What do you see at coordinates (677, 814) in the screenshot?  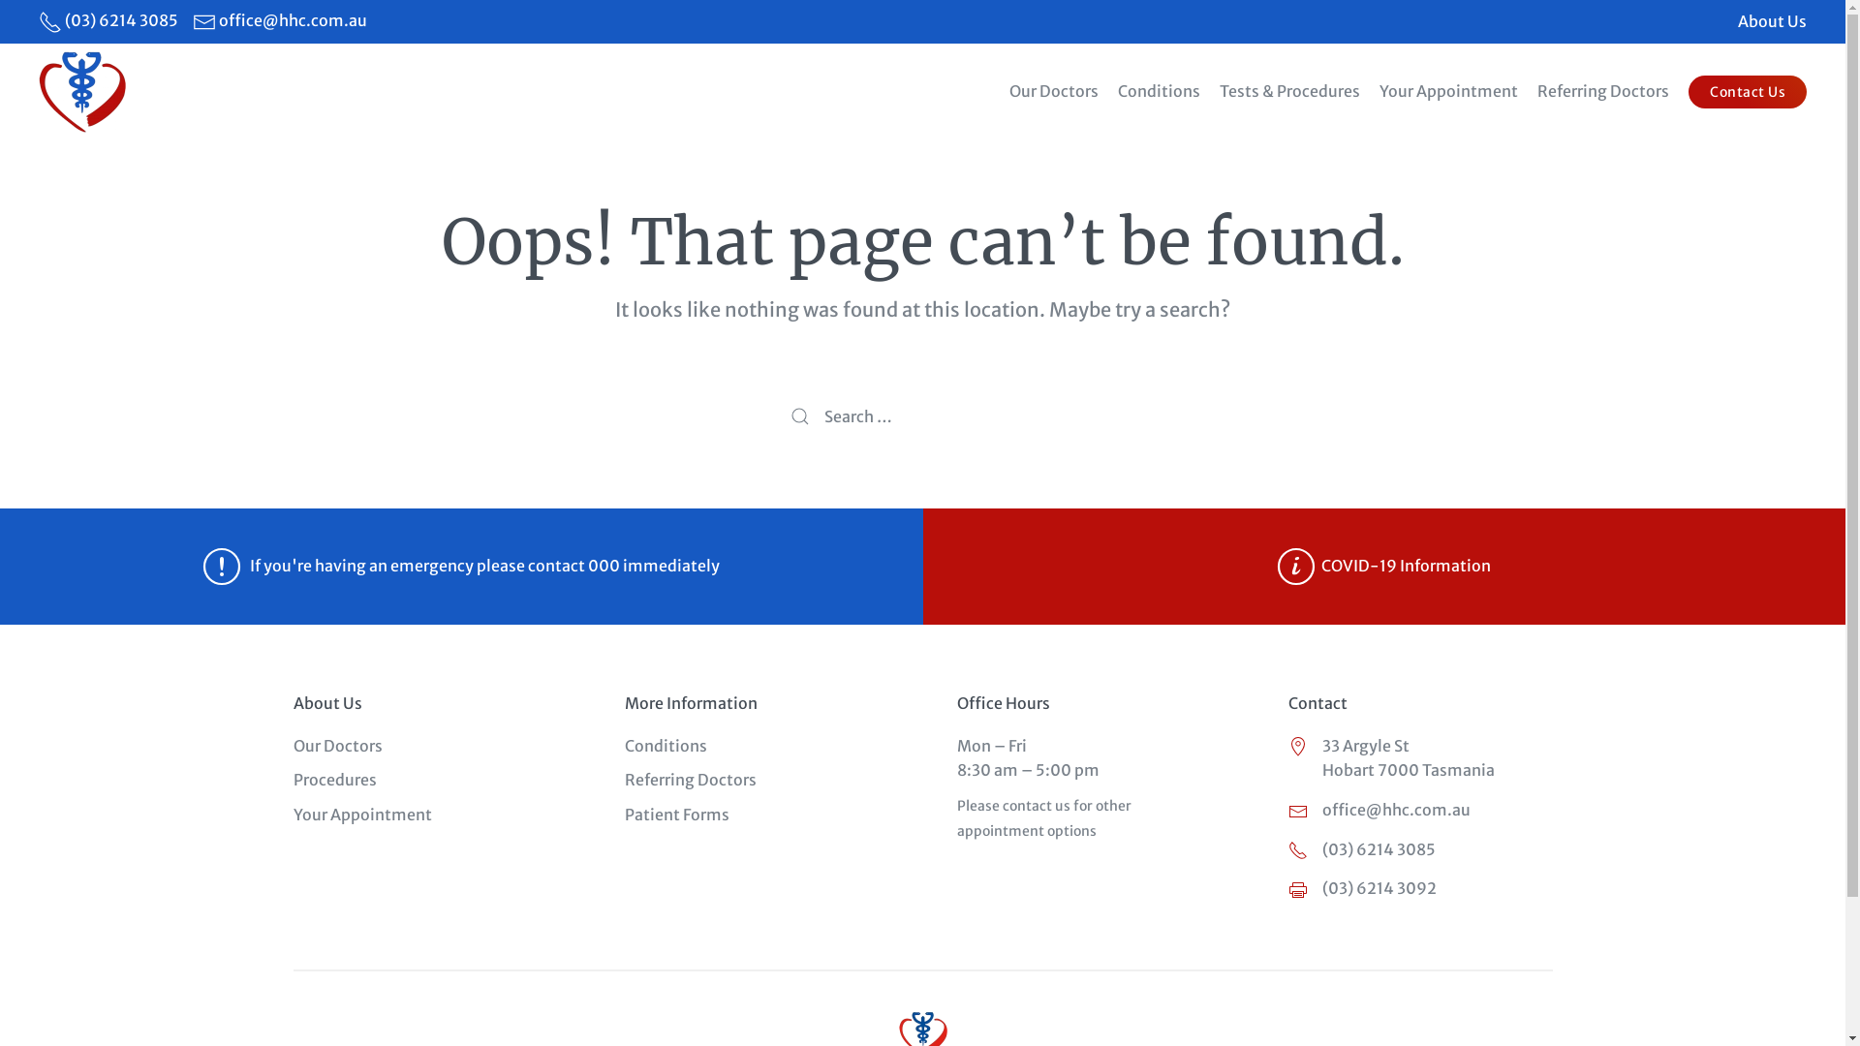 I see `'Patient Forms'` at bounding box center [677, 814].